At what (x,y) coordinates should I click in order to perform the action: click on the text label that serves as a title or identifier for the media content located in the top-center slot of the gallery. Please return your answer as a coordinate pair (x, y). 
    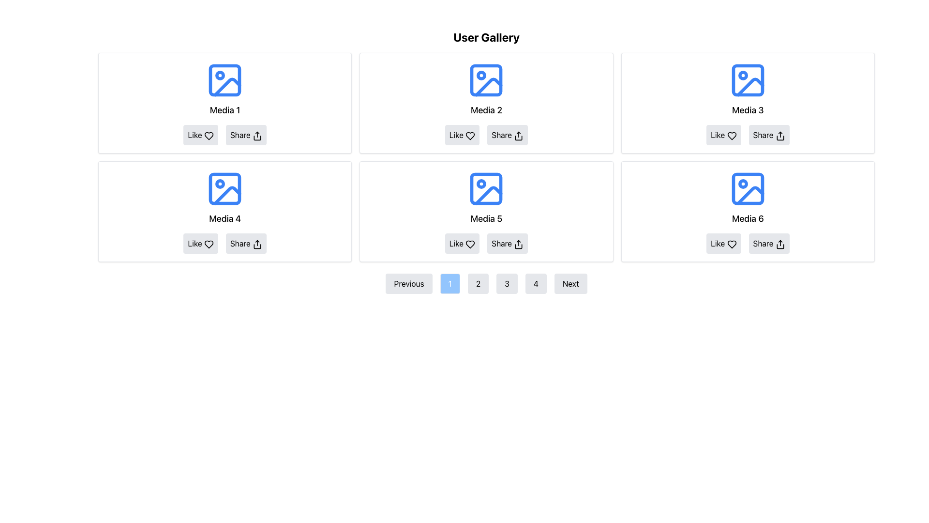
    Looking at the image, I should click on (486, 109).